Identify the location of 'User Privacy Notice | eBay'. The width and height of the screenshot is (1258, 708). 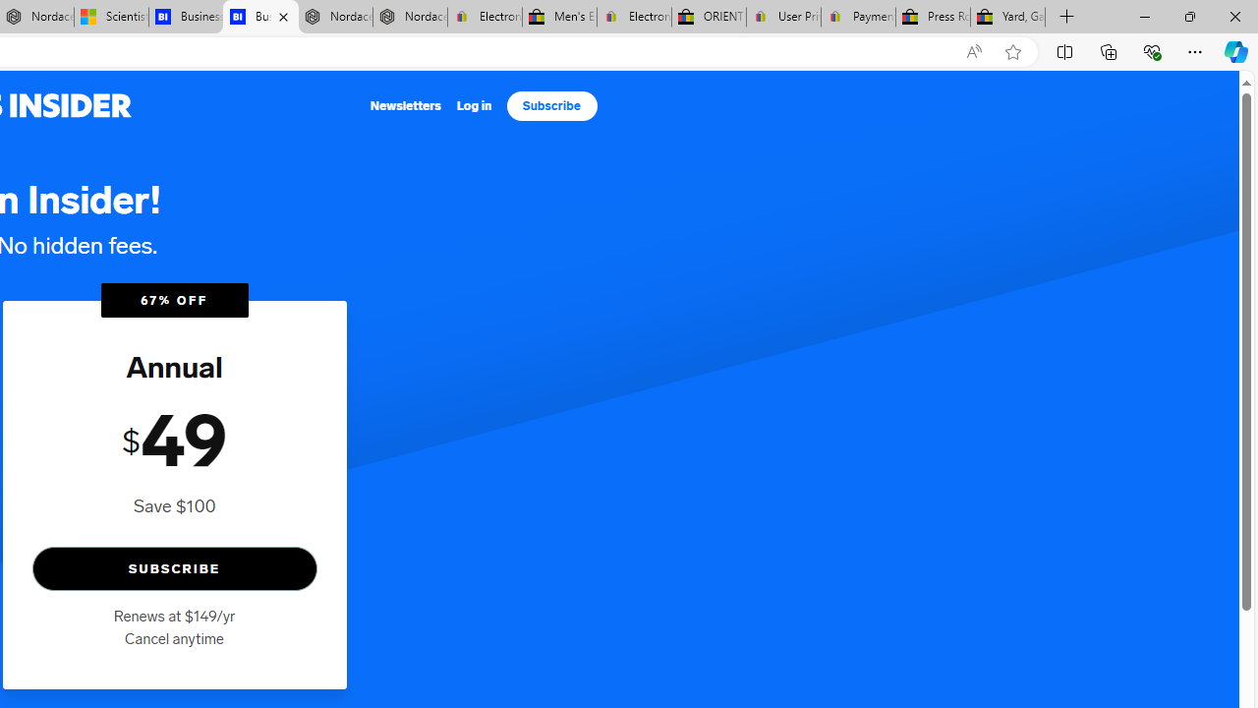
(782, 17).